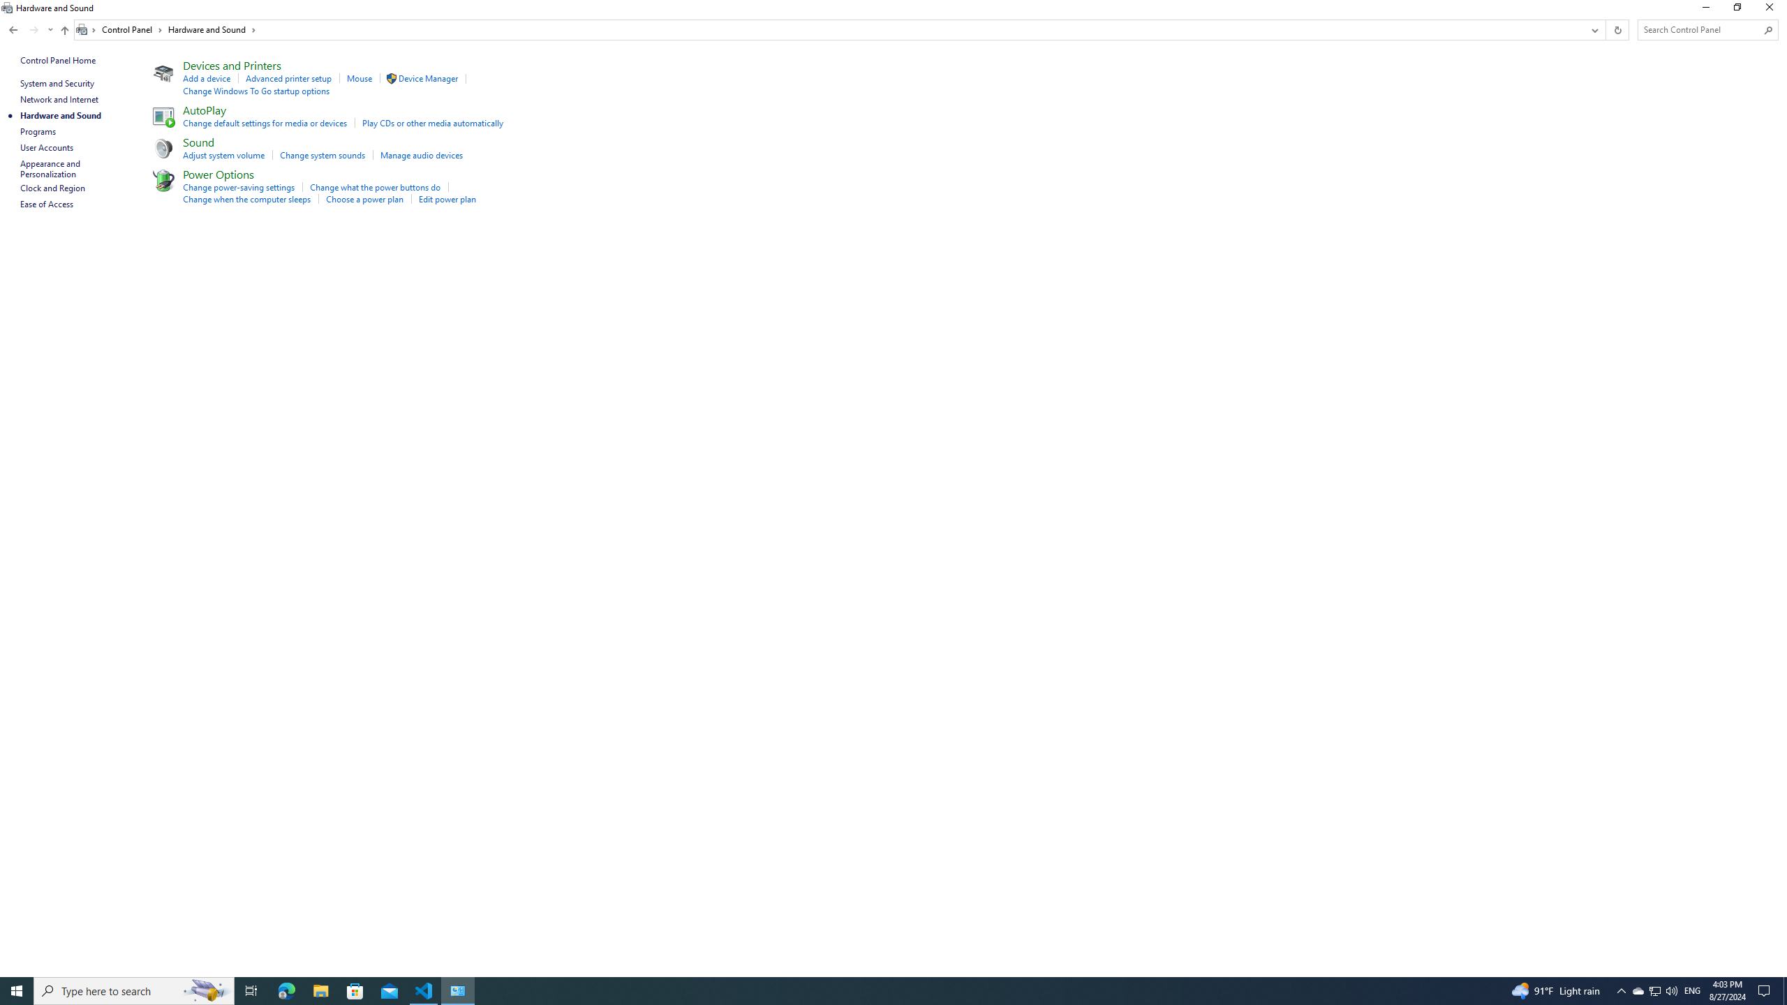 This screenshot has height=1005, width=1787. I want to click on 'Power Options', so click(218, 173).